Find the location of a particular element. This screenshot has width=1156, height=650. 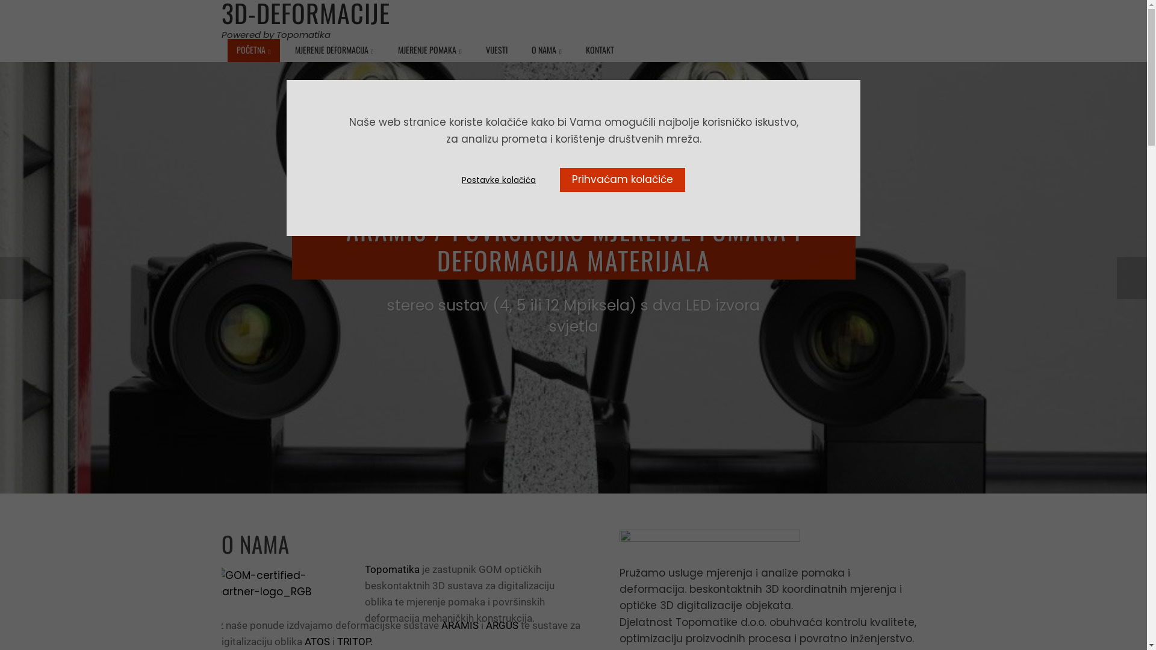

'Powered by Topomatika' is located at coordinates (275, 34).